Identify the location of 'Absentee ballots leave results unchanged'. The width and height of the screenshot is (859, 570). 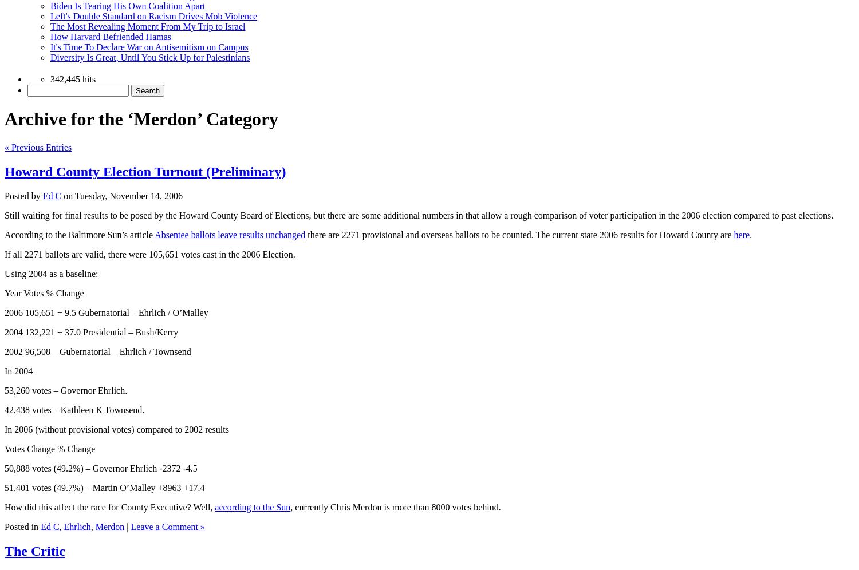
(230, 233).